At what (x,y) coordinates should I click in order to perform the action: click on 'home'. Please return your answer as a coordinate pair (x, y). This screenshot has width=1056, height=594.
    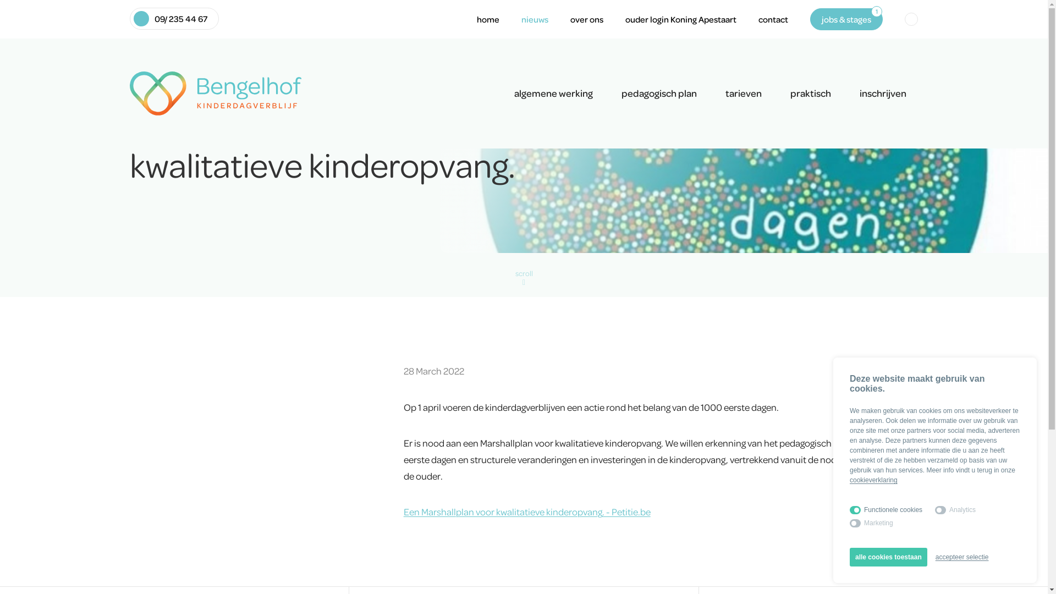
    Looking at the image, I should click on (477, 19).